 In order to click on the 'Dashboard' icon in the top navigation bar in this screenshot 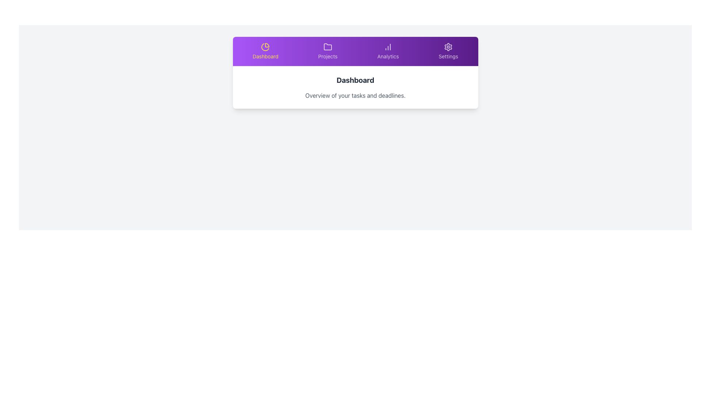, I will do `click(265, 47)`.